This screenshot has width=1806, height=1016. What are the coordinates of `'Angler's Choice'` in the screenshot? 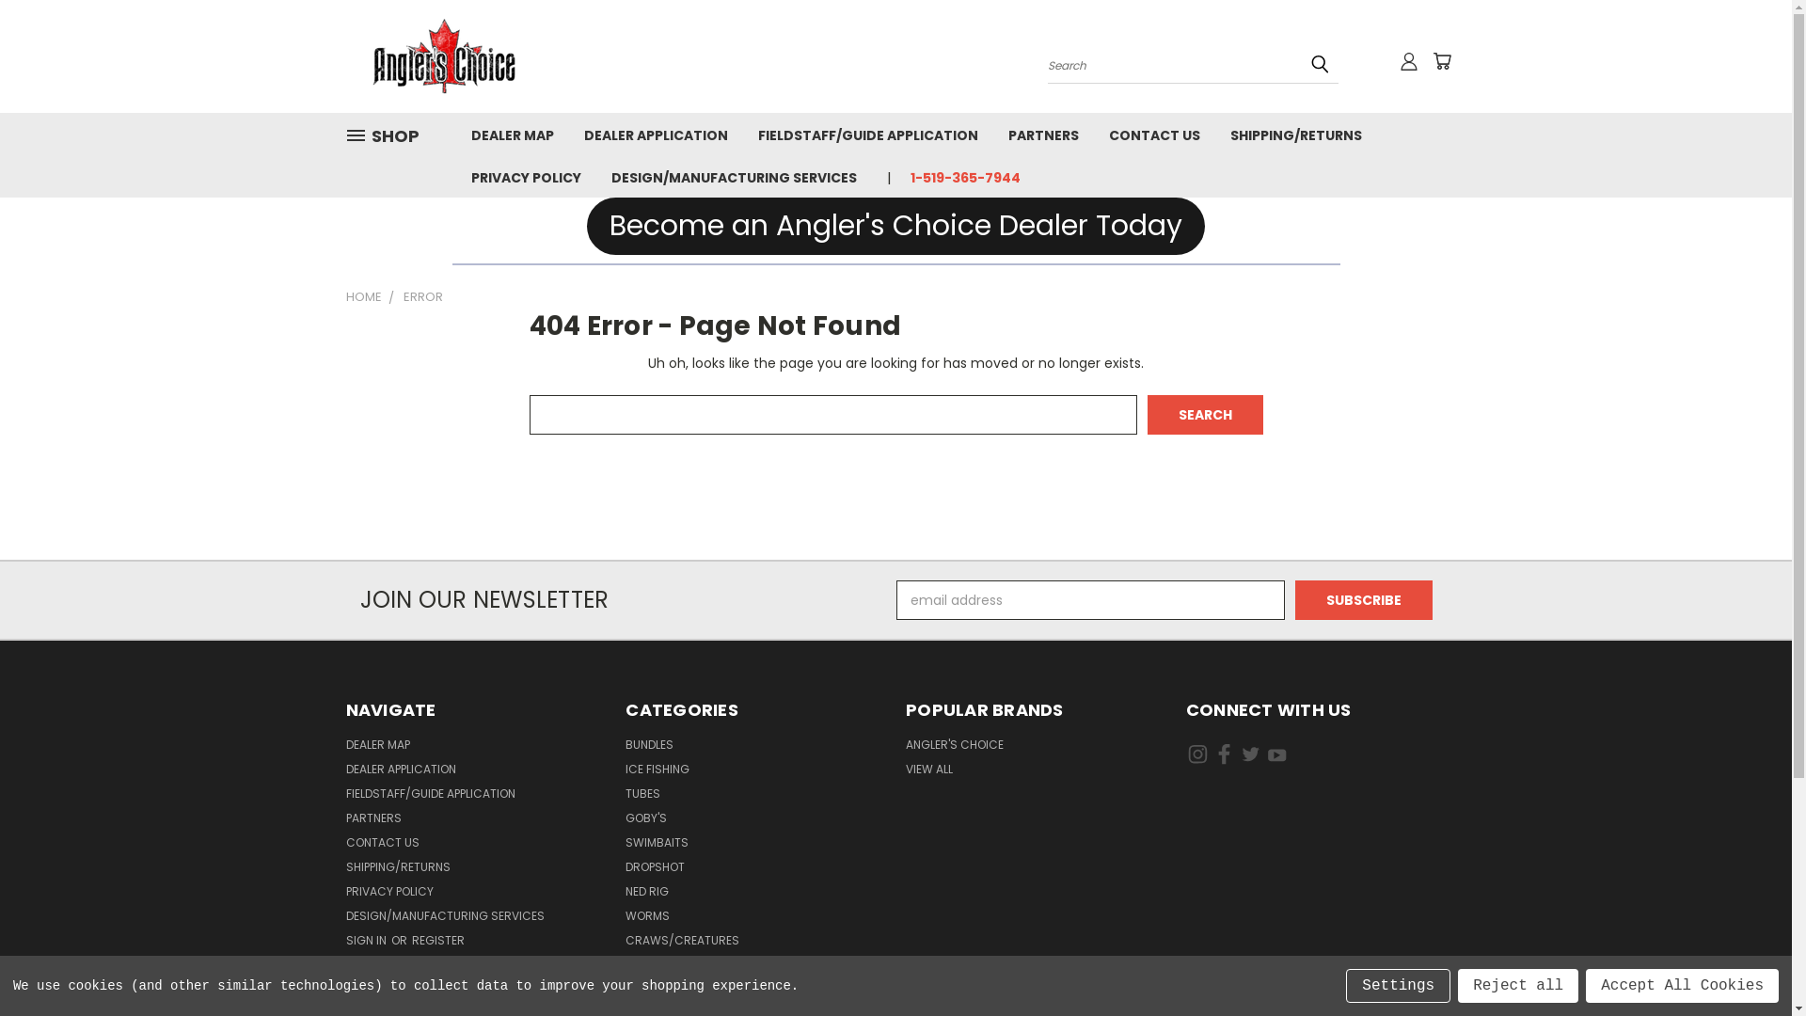 It's located at (346, 56).